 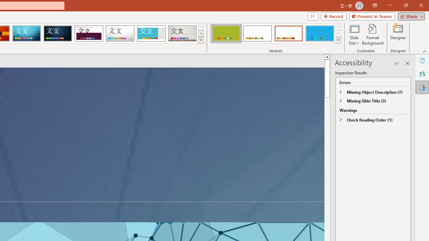 I want to click on 'Damask', so click(x=58, y=33).